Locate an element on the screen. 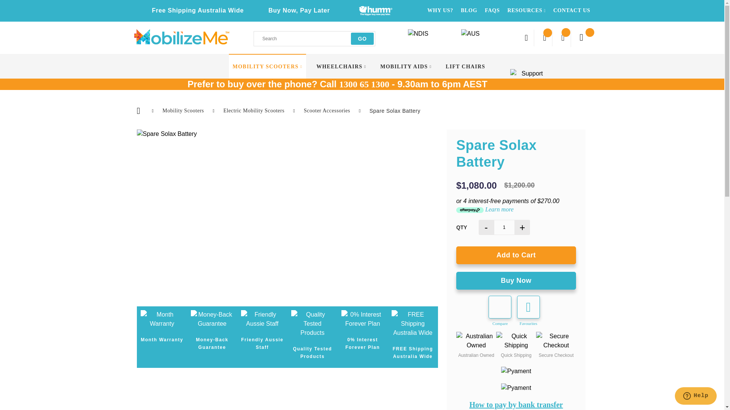 This screenshot has height=410, width=730. 'MOBILITY AIDS' is located at coordinates (380, 66).